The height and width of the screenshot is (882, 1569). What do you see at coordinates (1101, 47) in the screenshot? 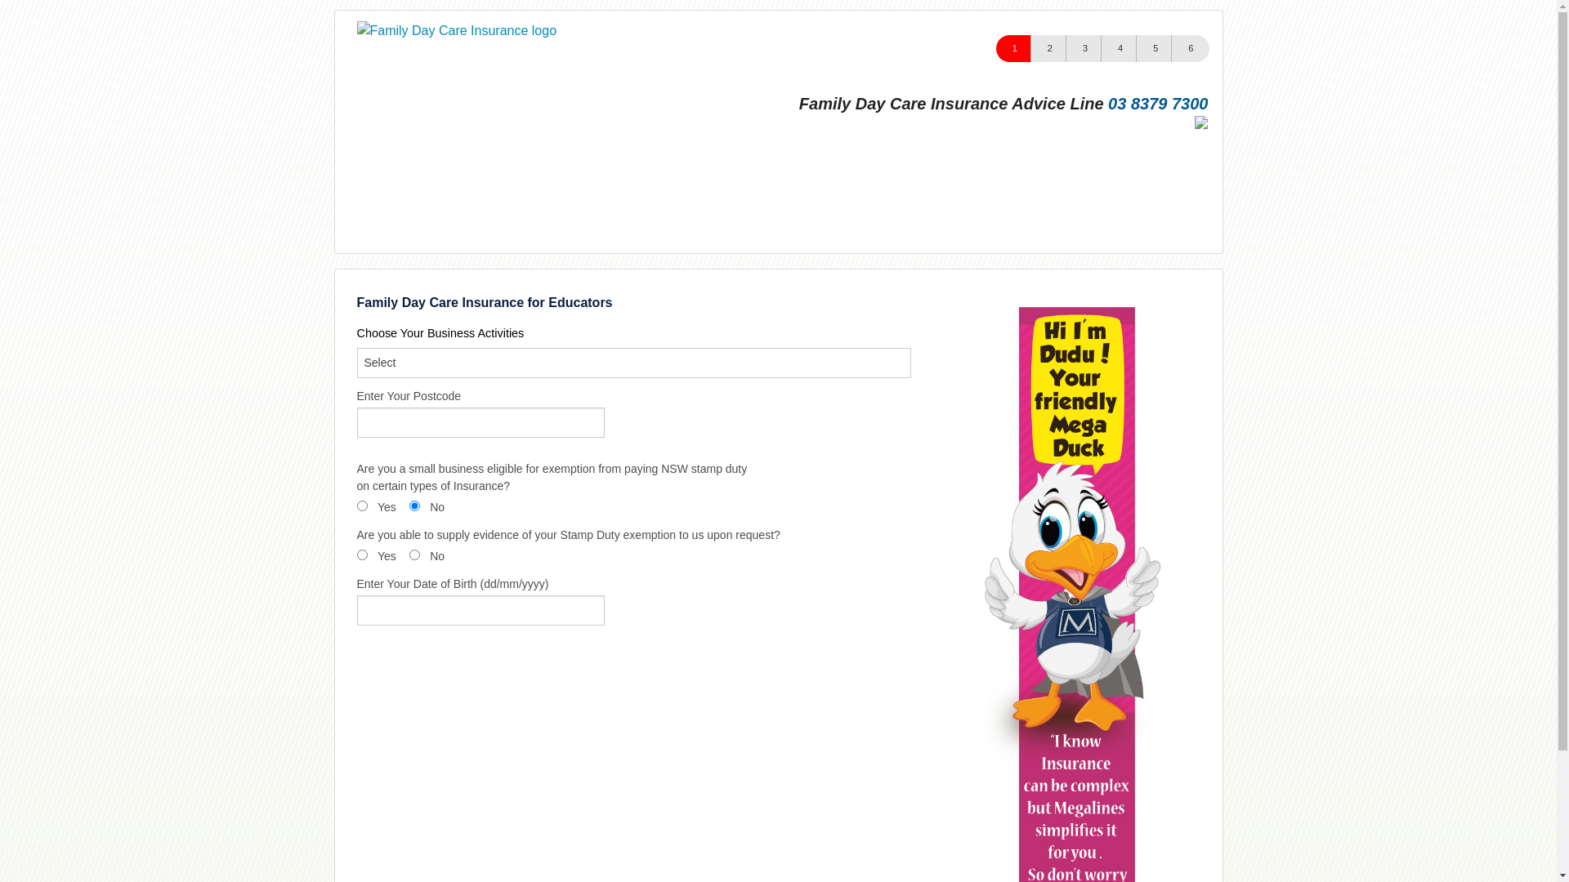
I see `'4'` at bounding box center [1101, 47].